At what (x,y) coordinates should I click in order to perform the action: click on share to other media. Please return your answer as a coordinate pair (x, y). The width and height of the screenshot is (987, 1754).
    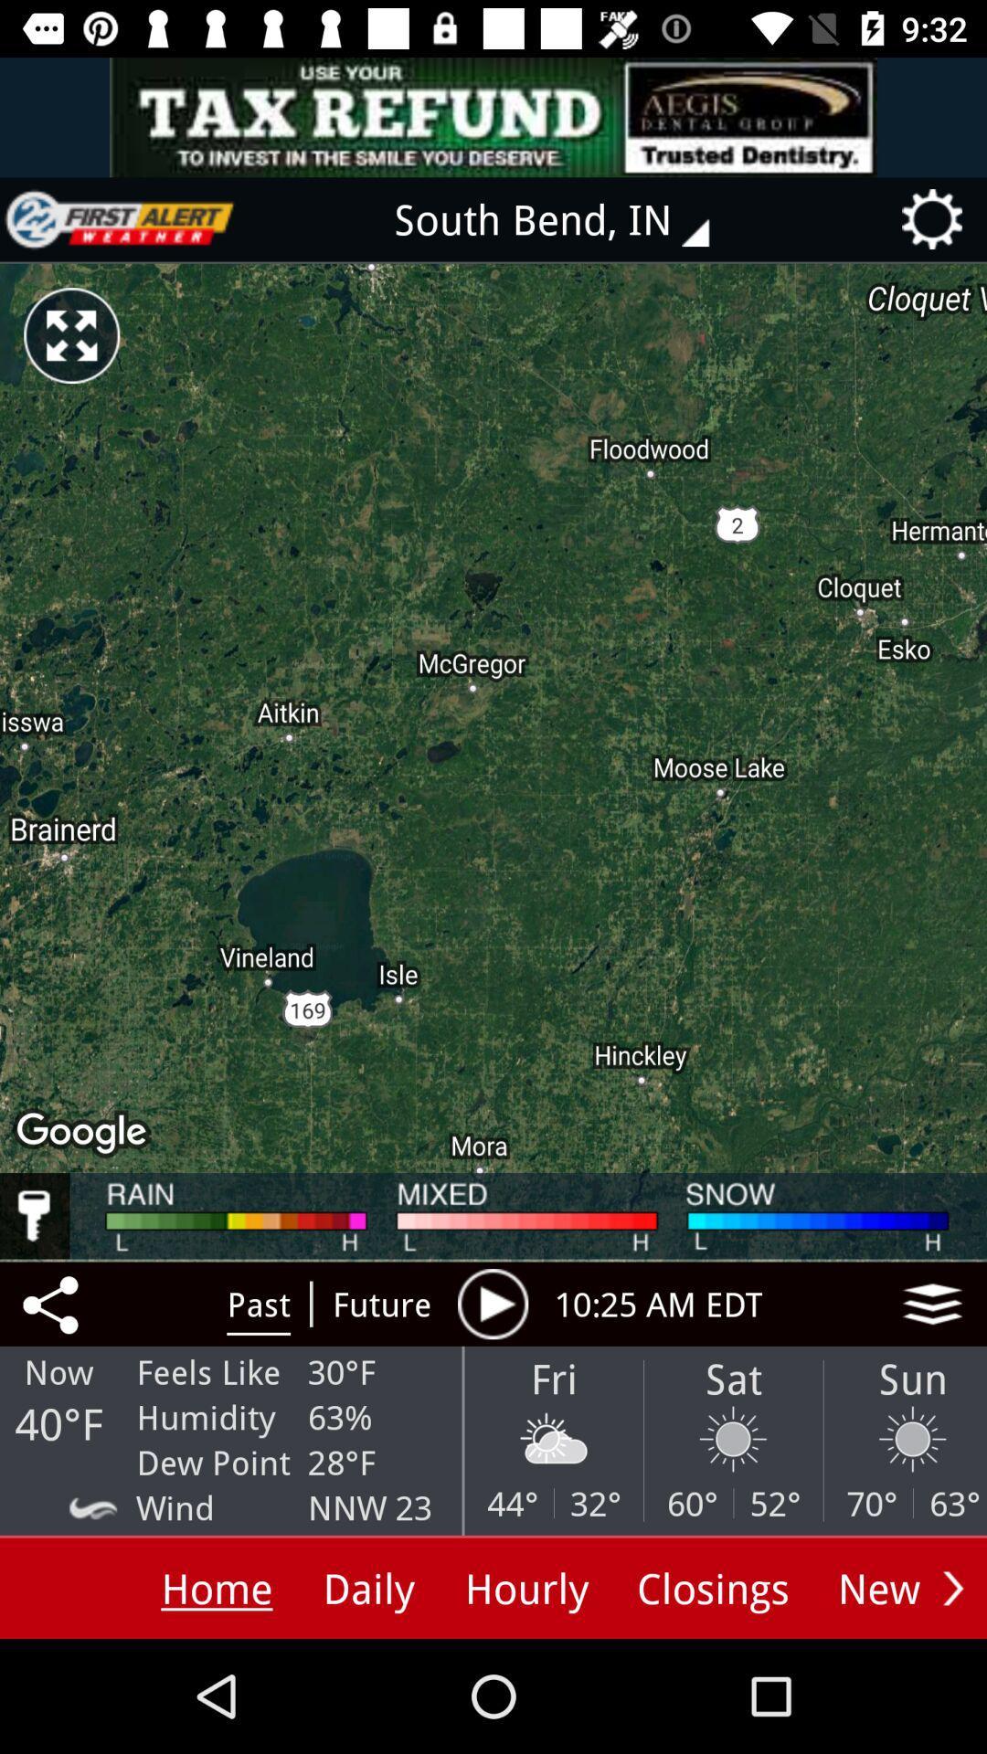
    Looking at the image, I should click on (53, 1303).